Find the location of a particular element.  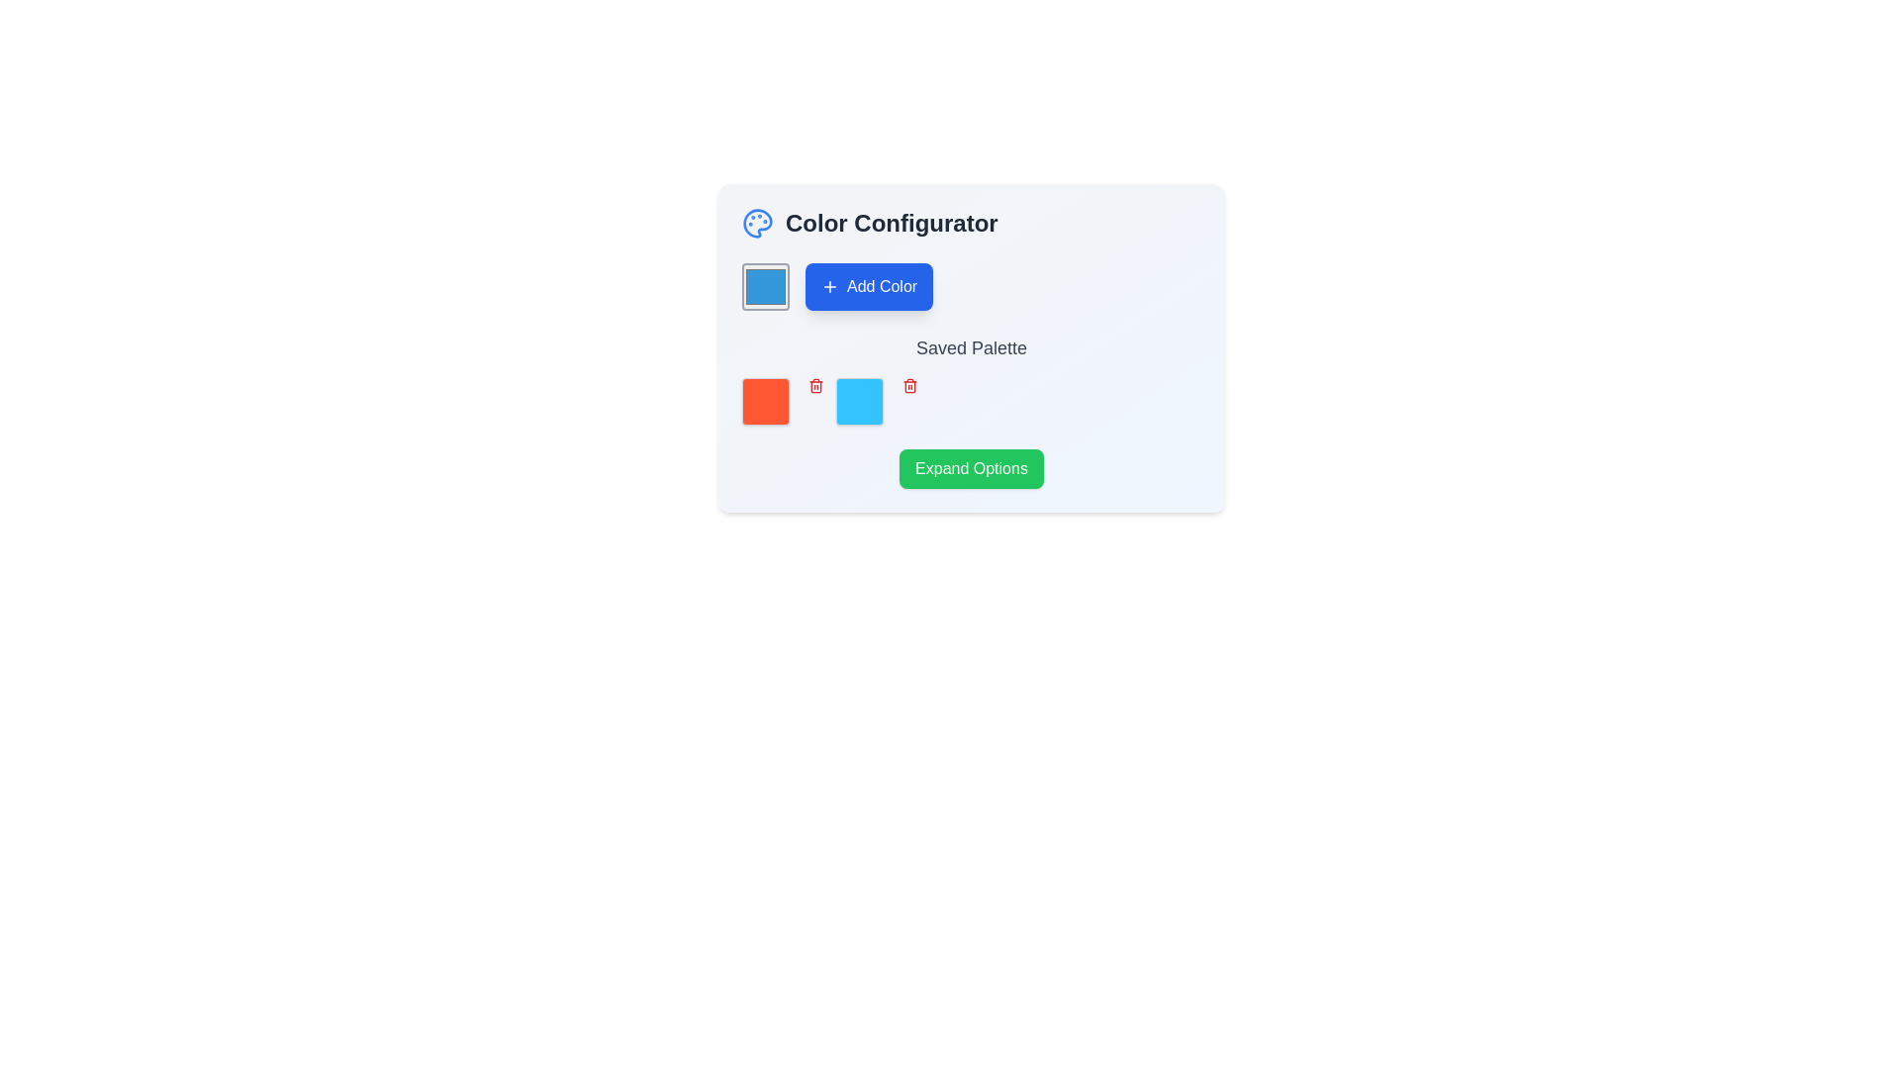

the rectangular 'Add Color' button with a blue background and white text is located at coordinates (869, 286).